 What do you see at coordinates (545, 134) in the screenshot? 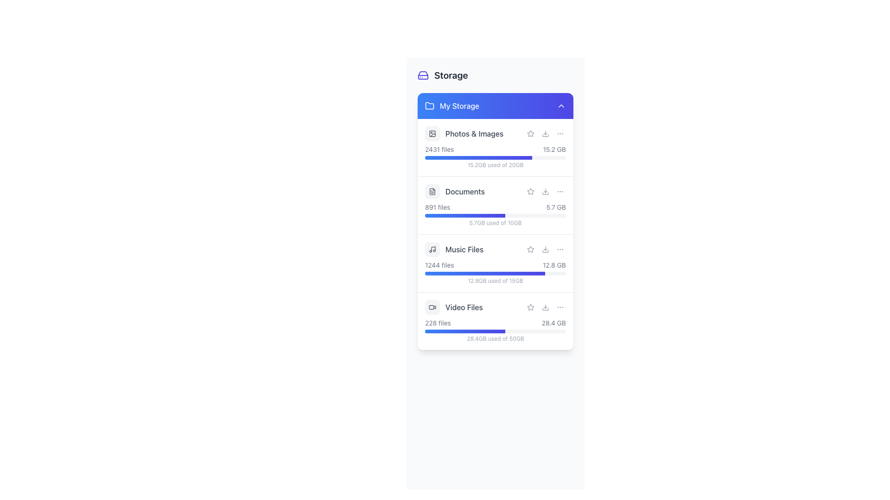
I see `the download icon button located to the right of the 'Photos & Images' section header` at bounding box center [545, 134].